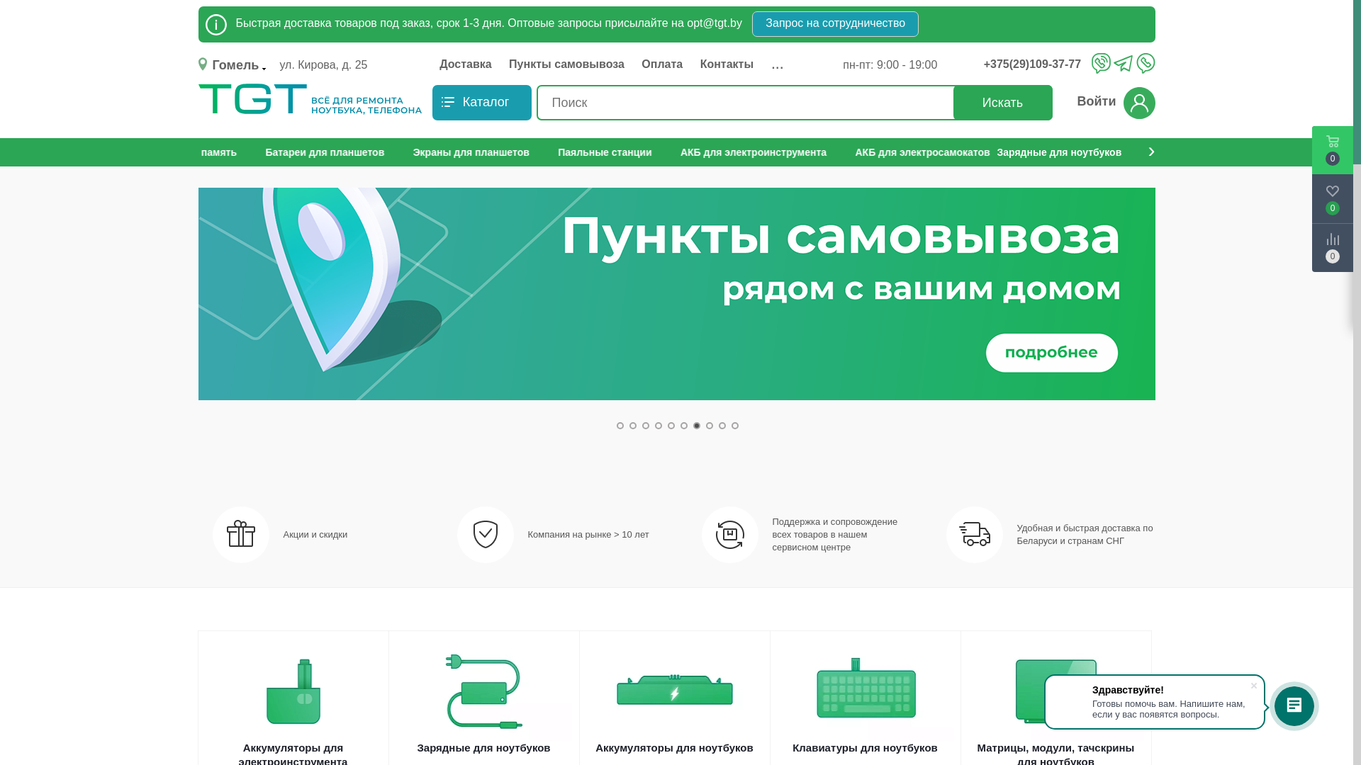 The width and height of the screenshot is (1361, 765). I want to click on '+375(29)109-37-77', so click(1036, 64).